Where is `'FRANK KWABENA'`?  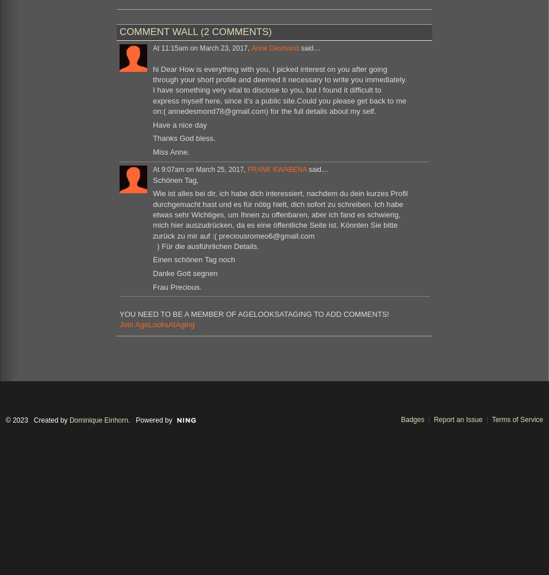
'FRANK KWABENA' is located at coordinates (277, 170).